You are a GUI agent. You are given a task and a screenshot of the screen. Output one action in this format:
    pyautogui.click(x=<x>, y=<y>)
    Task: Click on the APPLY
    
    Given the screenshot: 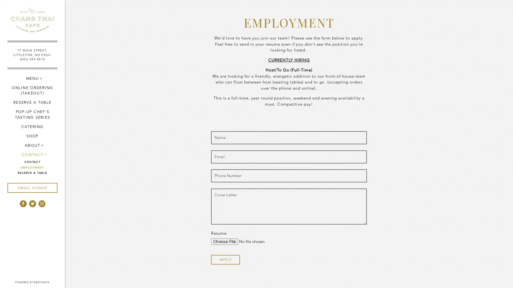 What is the action you would take?
    pyautogui.click(x=225, y=259)
    